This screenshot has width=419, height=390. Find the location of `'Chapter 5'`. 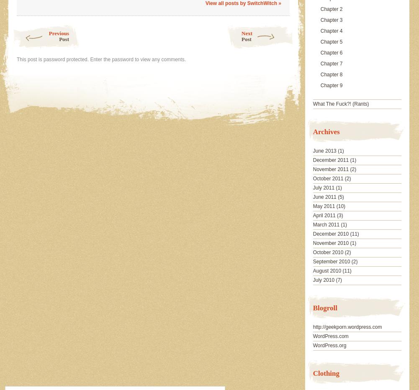

'Chapter 5' is located at coordinates (331, 42).